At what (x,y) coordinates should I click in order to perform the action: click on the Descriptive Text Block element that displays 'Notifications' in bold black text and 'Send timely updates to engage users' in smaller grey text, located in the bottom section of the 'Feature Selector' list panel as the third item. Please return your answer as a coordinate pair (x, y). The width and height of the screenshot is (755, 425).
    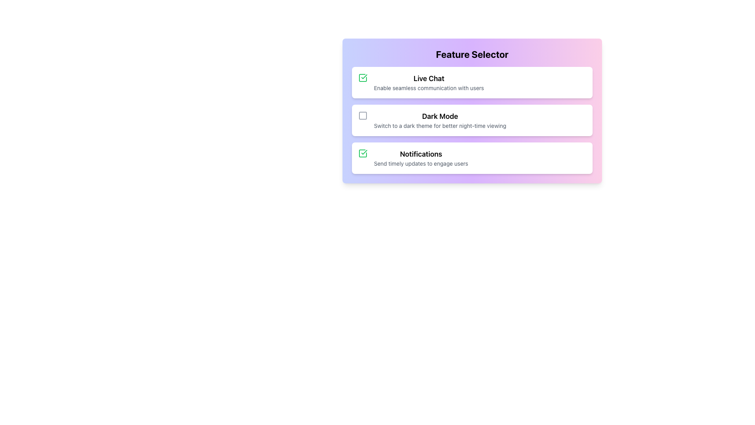
    Looking at the image, I should click on (420, 158).